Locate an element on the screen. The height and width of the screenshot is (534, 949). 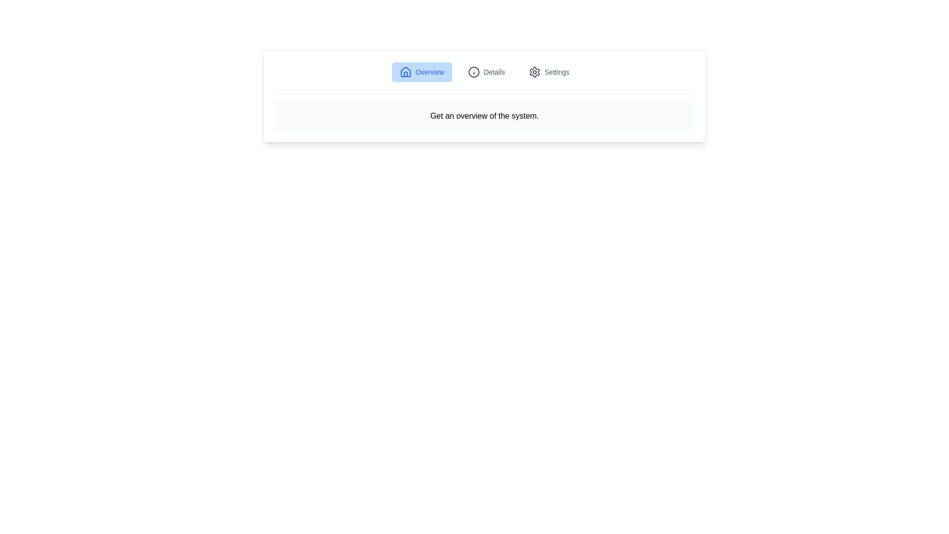
the navigation label within the button component that signifies access to the overview section of the application is located at coordinates (430, 72).